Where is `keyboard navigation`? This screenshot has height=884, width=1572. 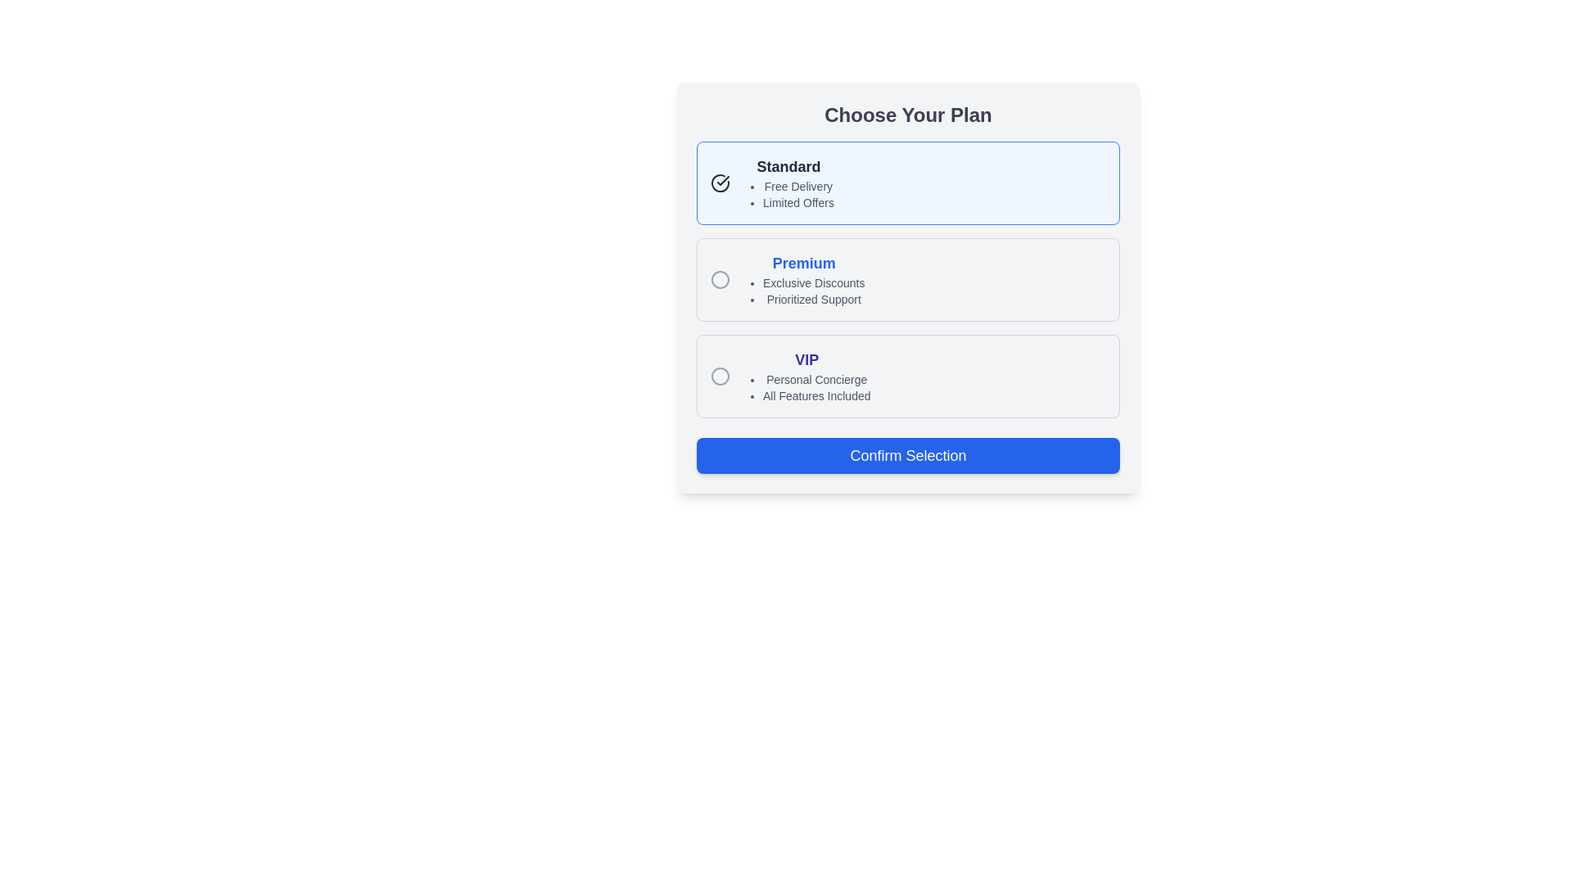 keyboard navigation is located at coordinates (907, 183).